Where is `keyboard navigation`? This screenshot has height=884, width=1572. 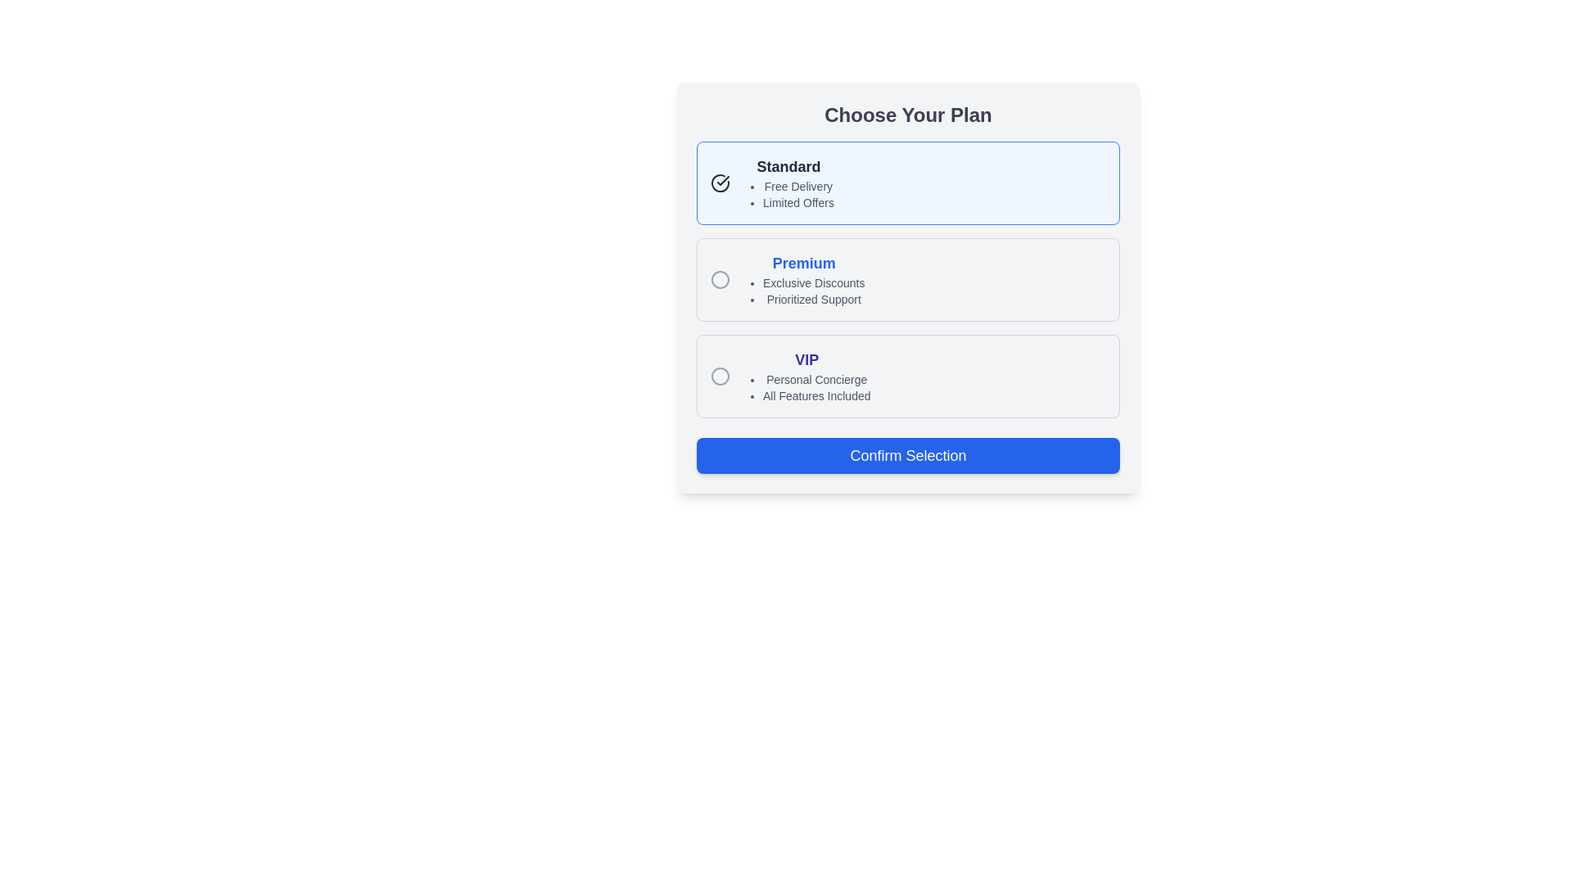 keyboard navigation is located at coordinates (907, 183).